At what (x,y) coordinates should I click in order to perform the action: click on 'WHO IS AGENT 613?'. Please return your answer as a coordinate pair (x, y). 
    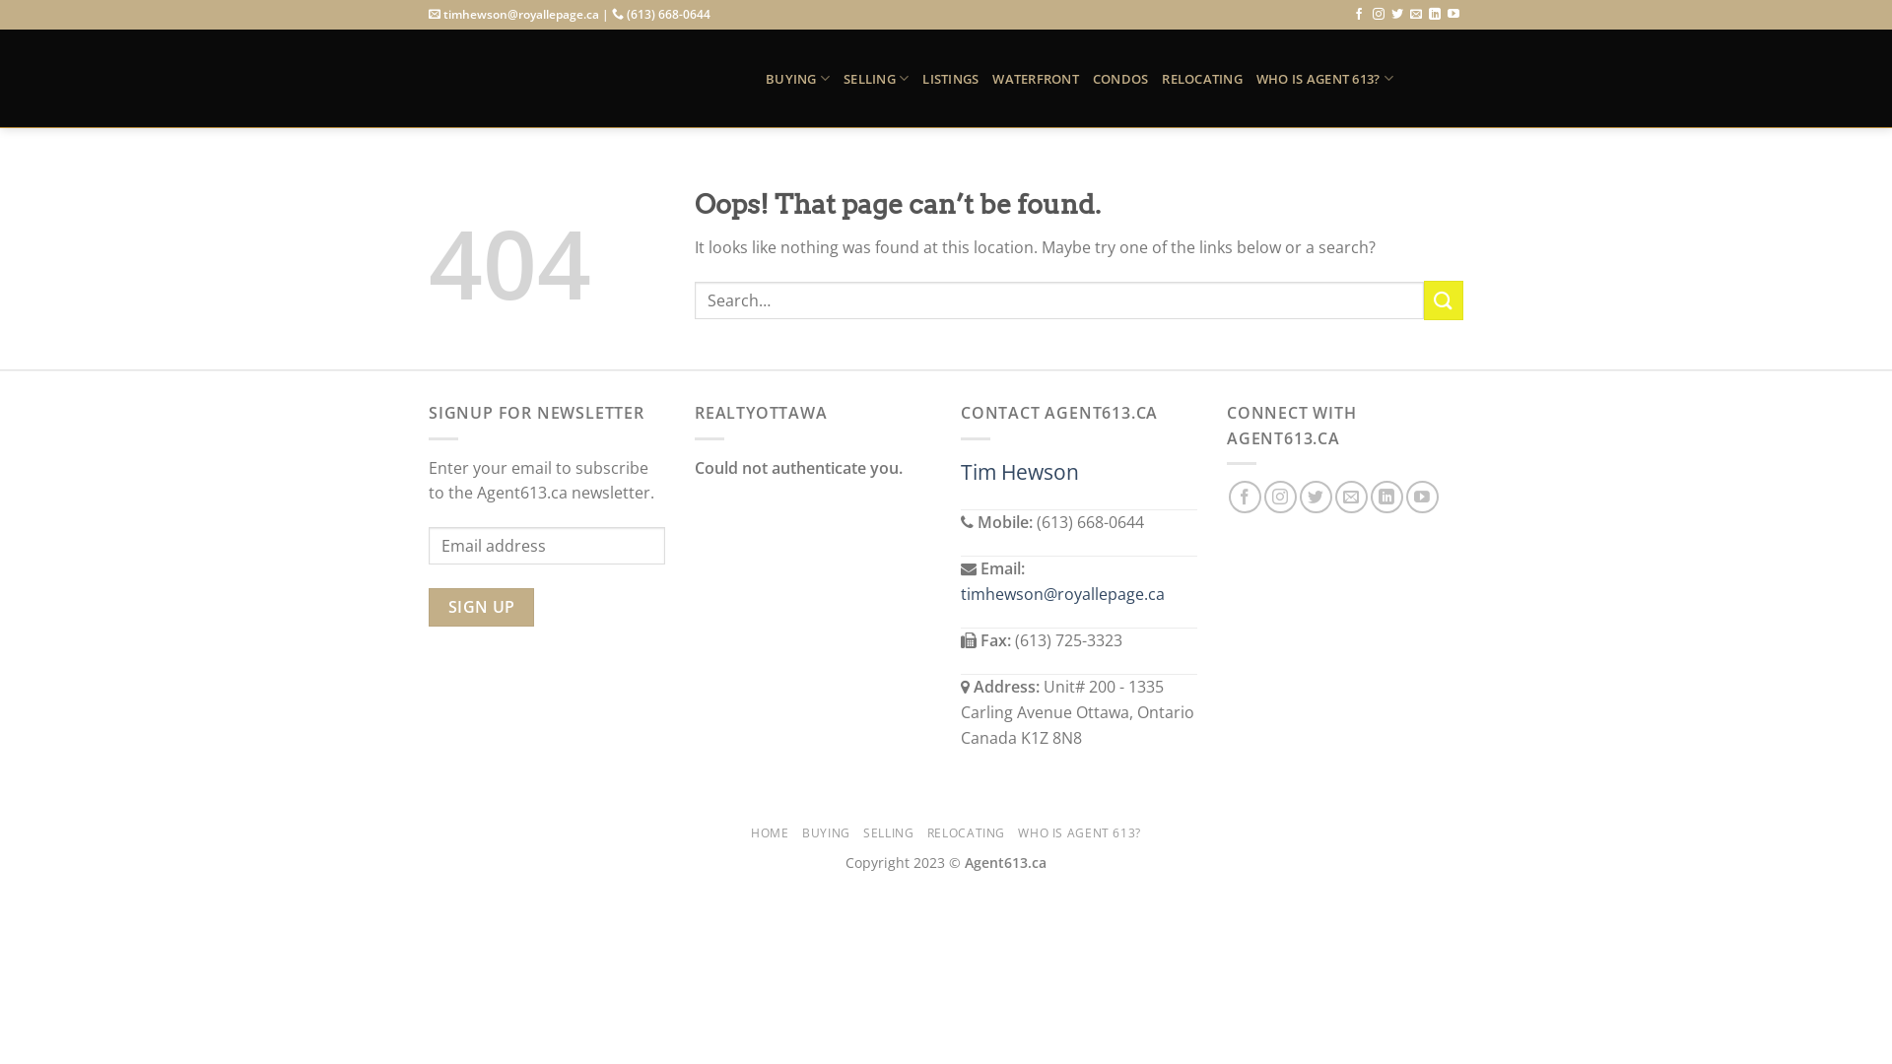
    Looking at the image, I should click on (1077, 832).